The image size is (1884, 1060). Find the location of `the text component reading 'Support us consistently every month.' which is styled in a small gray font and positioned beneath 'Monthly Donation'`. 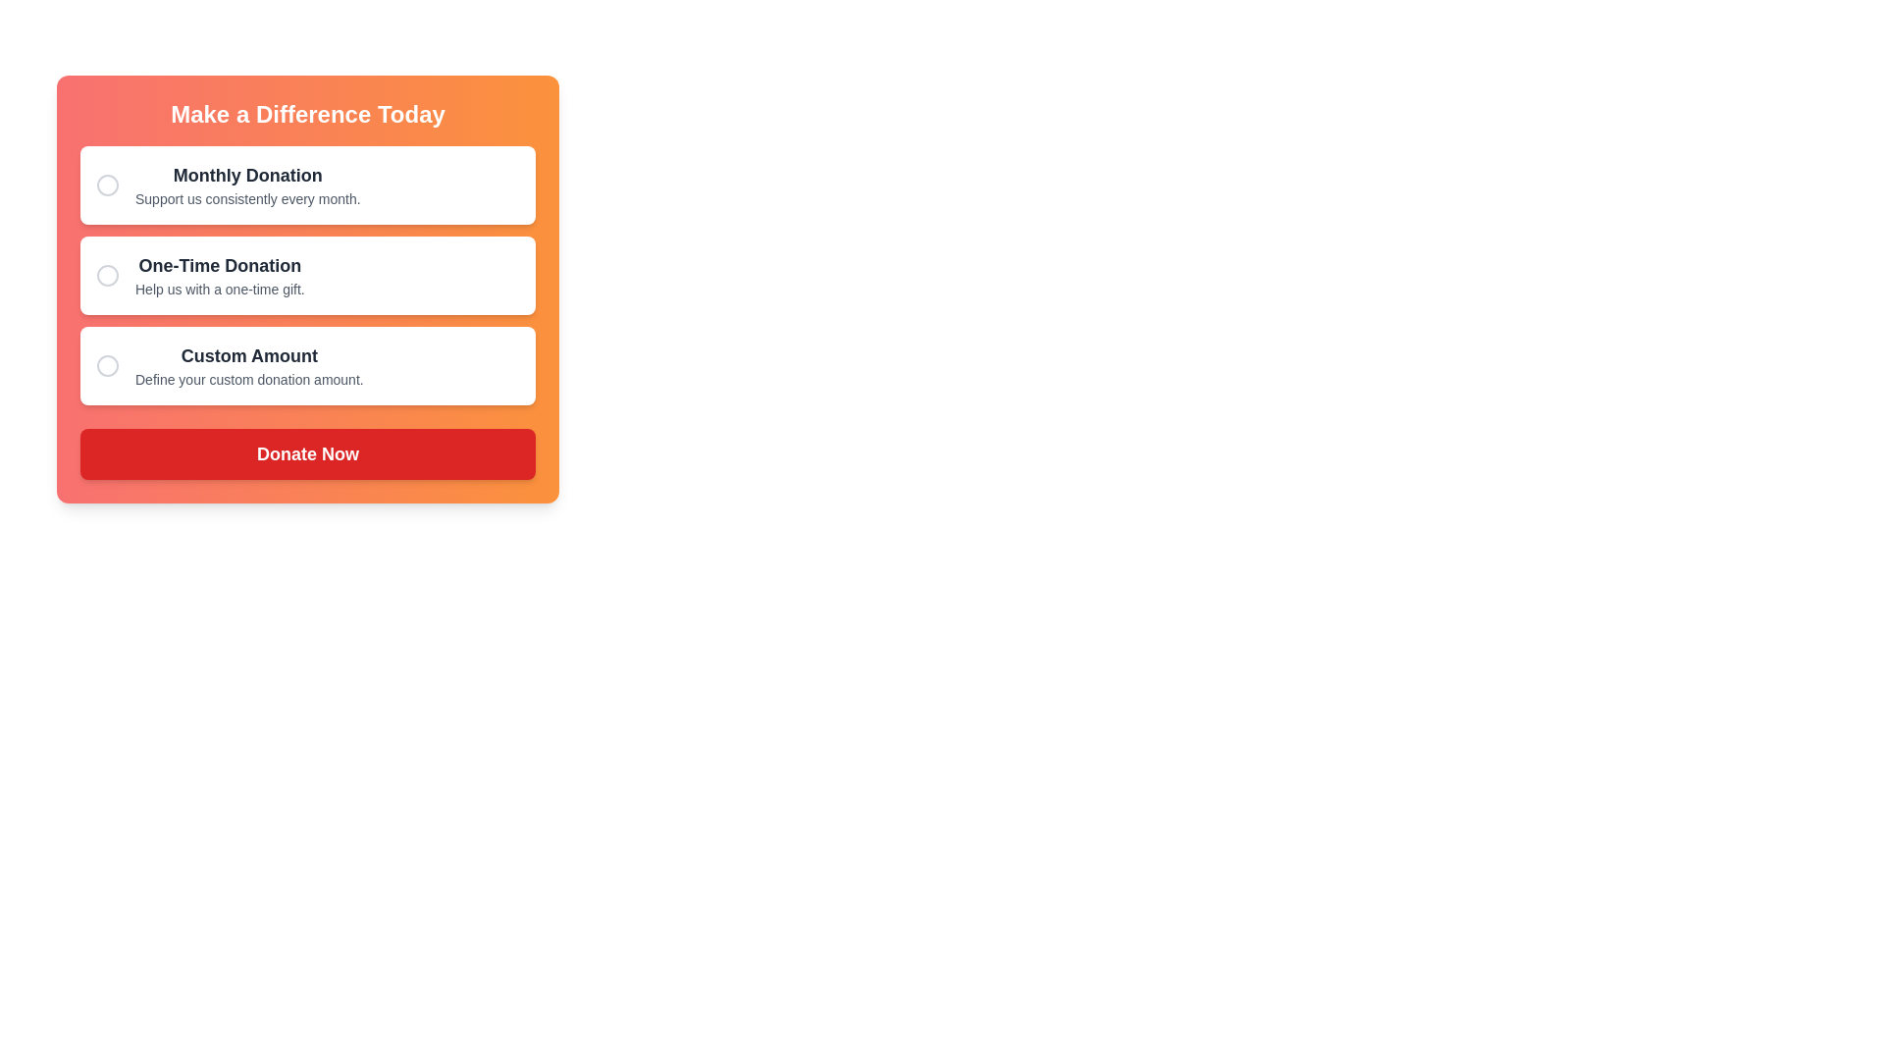

the text component reading 'Support us consistently every month.' which is styled in a small gray font and positioned beneath 'Monthly Donation' is located at coordinates (246, 199).